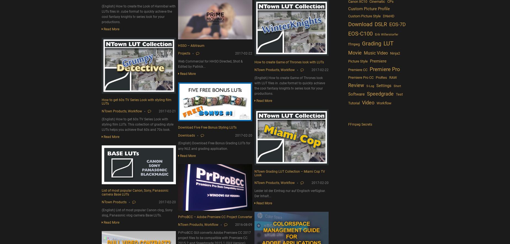  I want to click on '(English) List of most popular Canon clog, Sony slog, Panasonic vlog camera Base LUTs.', so click(137, 212).